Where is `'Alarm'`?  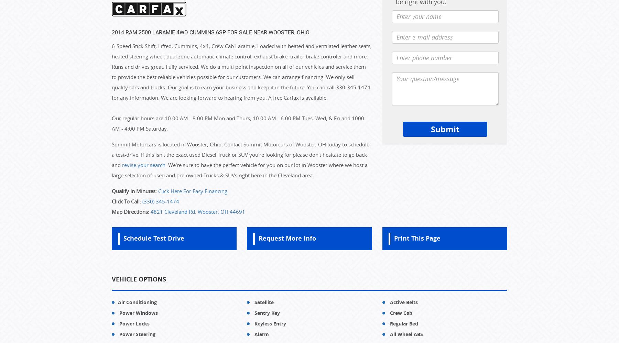 'Alarm' is located at coordinates (253, 333).